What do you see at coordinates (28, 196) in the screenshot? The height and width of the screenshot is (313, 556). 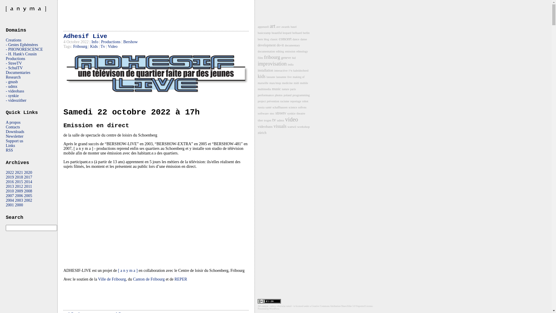 I see `'2005'` at bounding box center [28, 196].